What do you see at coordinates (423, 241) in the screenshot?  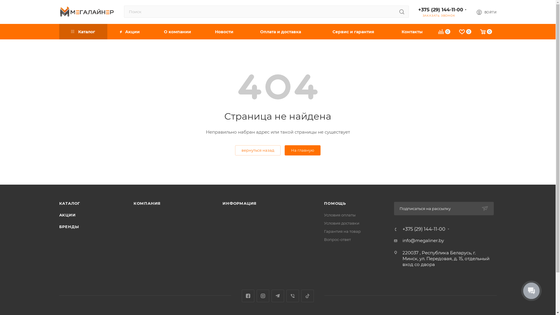 I see `'info@megaliner.by'` at bounding box center [423, 241].